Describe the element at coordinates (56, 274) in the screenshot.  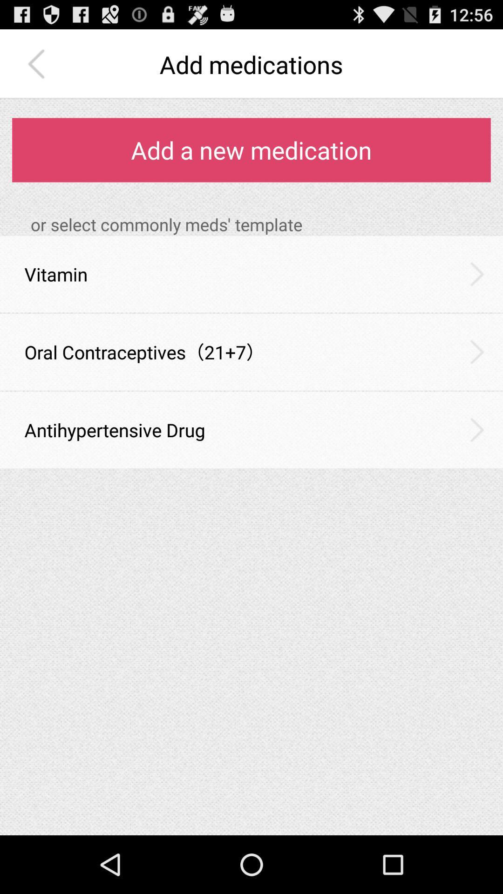
I see `the vitamin item` at that location.